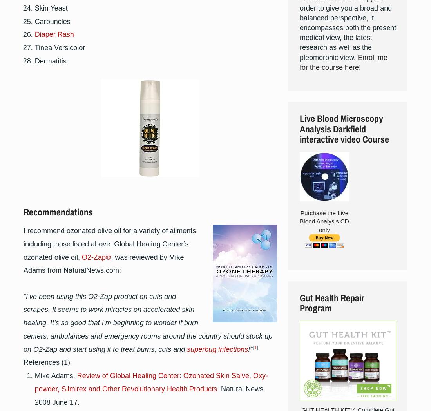 The width and height of the screenshot is (431, 411). I want to click on ', was reviewed by Mike Adams from NaturalNews.com:', so click(103, 263).